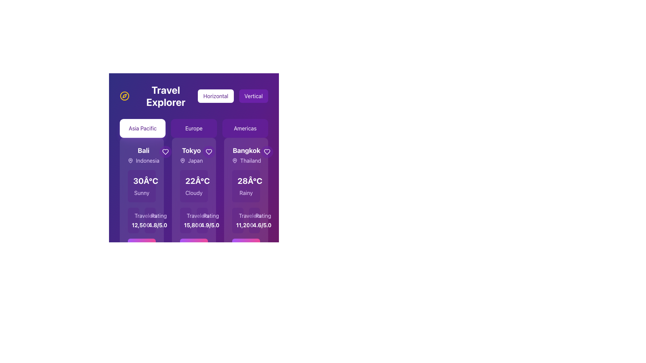  Describe the element at coordinates (124, 96) in the screenshot. I see `the decorative compass-like graphical icon located in the top-left section of the interface` at that location.